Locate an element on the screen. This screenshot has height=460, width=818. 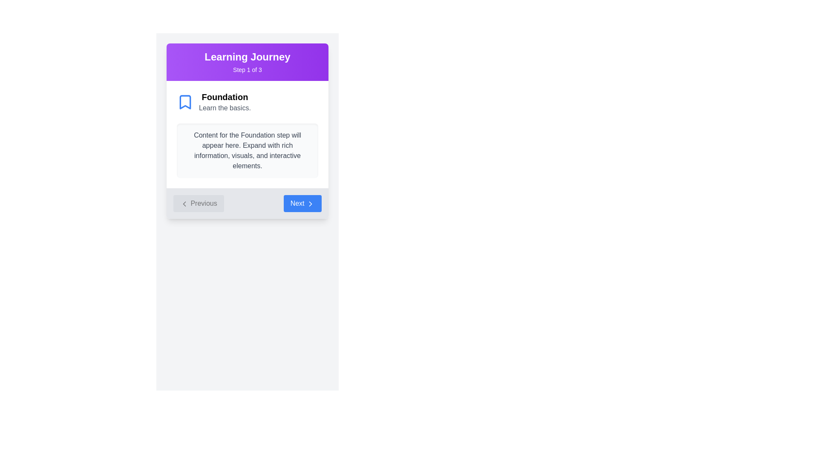
the right-facing chevron icon within the 'Next' button, located at the bottom-right corner of the interface is located at coordinates (310, 204).